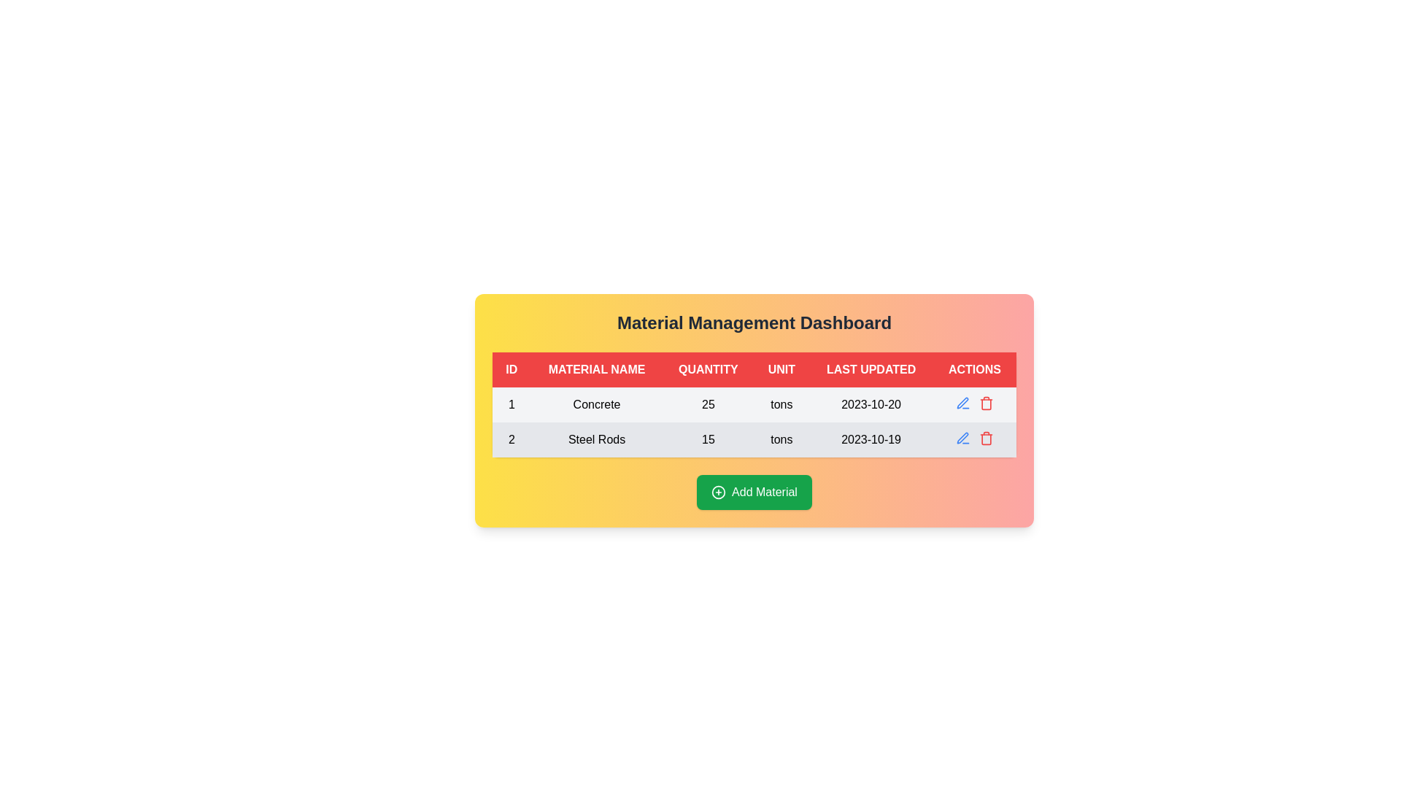 The image size is (1401, 788). Describe the element at coordinates (719, 492) in the screenshot. I see `the circular '+' icon located to the left of the 'Add Material' button` at that location.